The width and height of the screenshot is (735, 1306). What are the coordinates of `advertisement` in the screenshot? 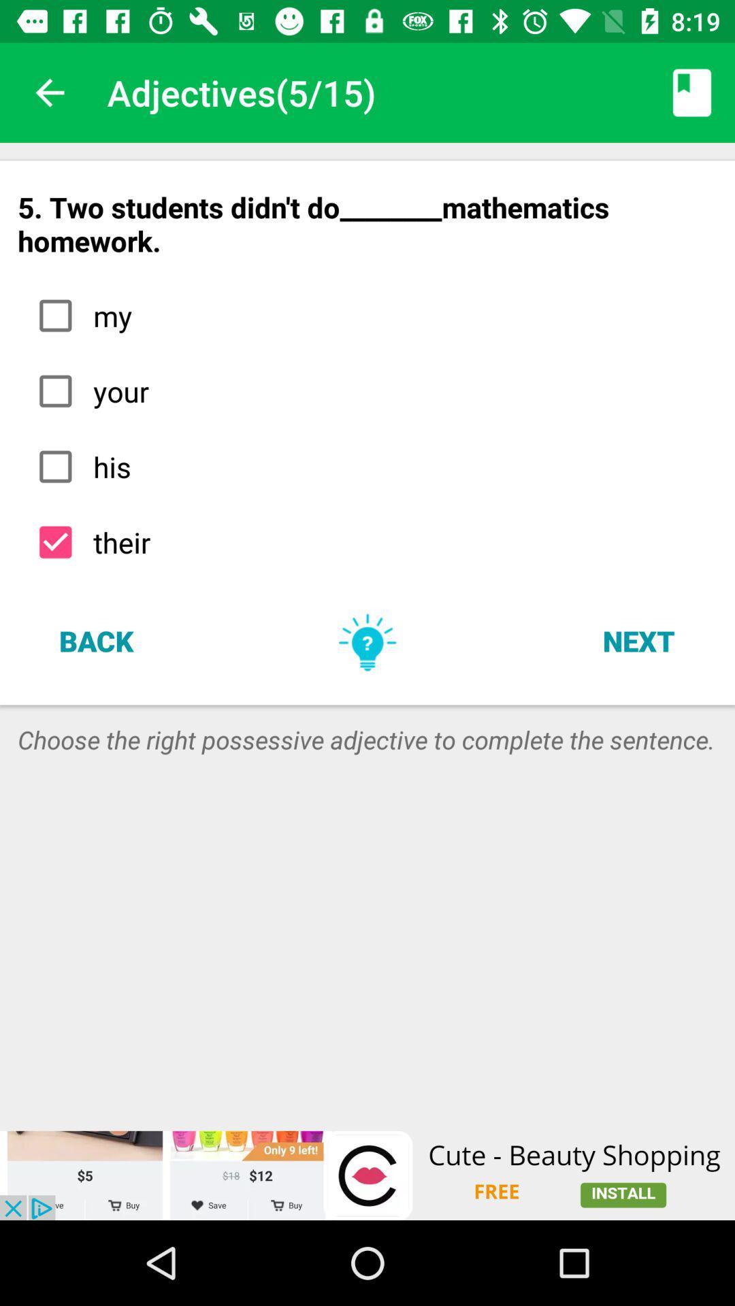 It's located at (367, 1175).